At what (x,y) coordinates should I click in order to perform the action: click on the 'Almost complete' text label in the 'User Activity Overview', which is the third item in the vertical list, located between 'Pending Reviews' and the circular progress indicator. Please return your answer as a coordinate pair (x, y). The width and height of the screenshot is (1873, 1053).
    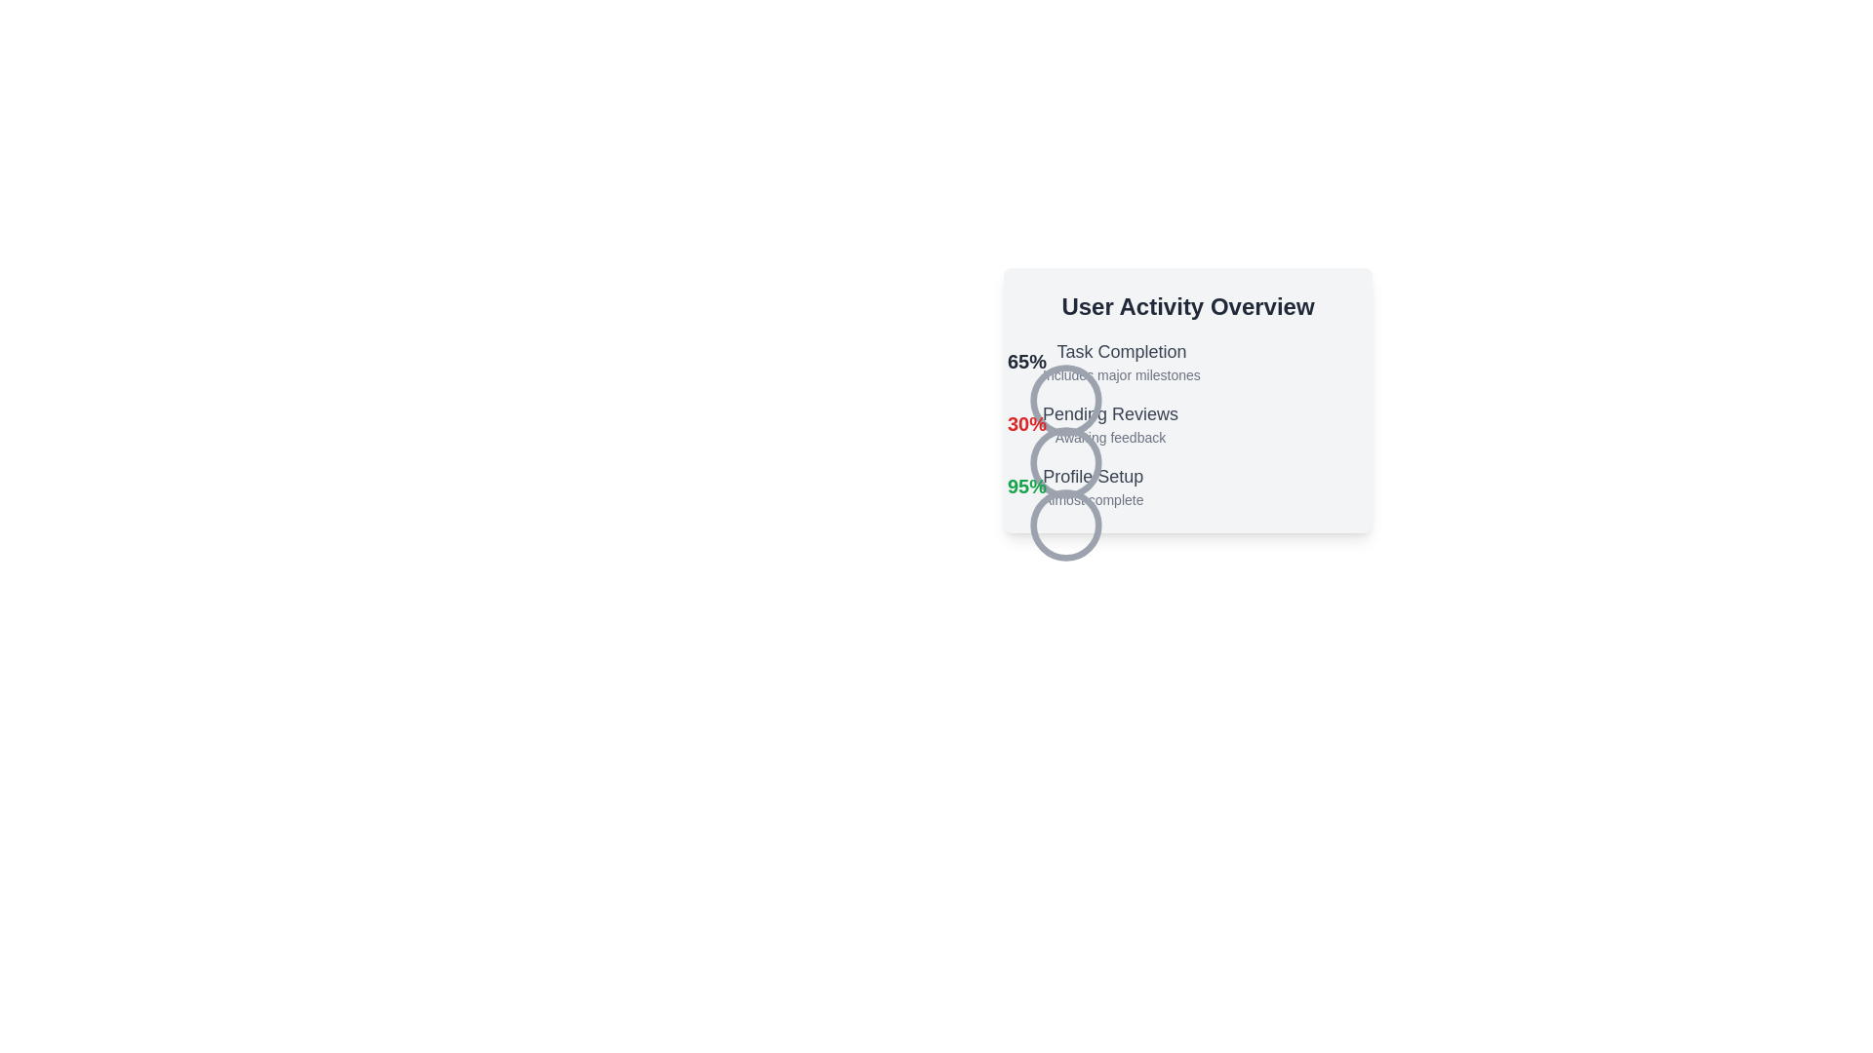
    Looking at the image, I should click on (1093, 485).